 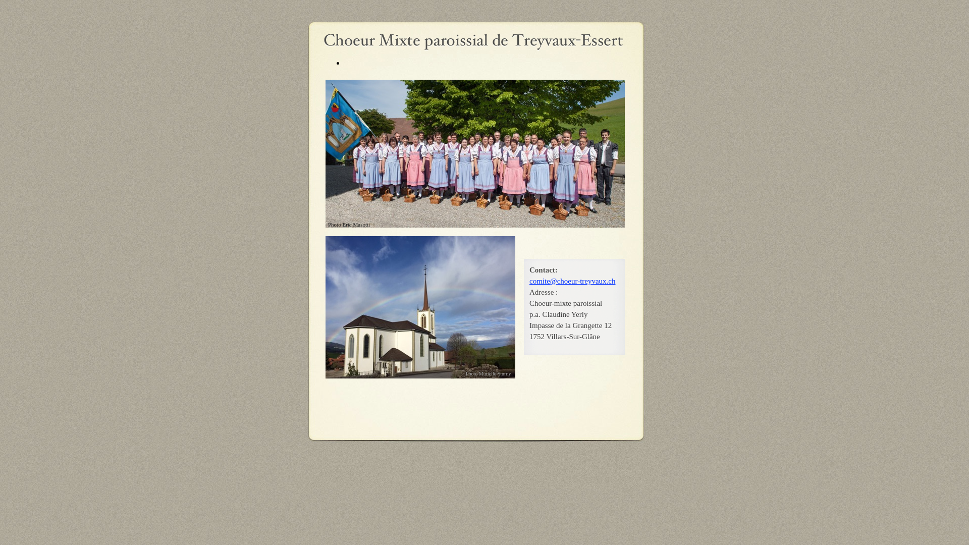 I want to click on 'comite@choeur-treyvaux.ch', so click(x=572, y=281).